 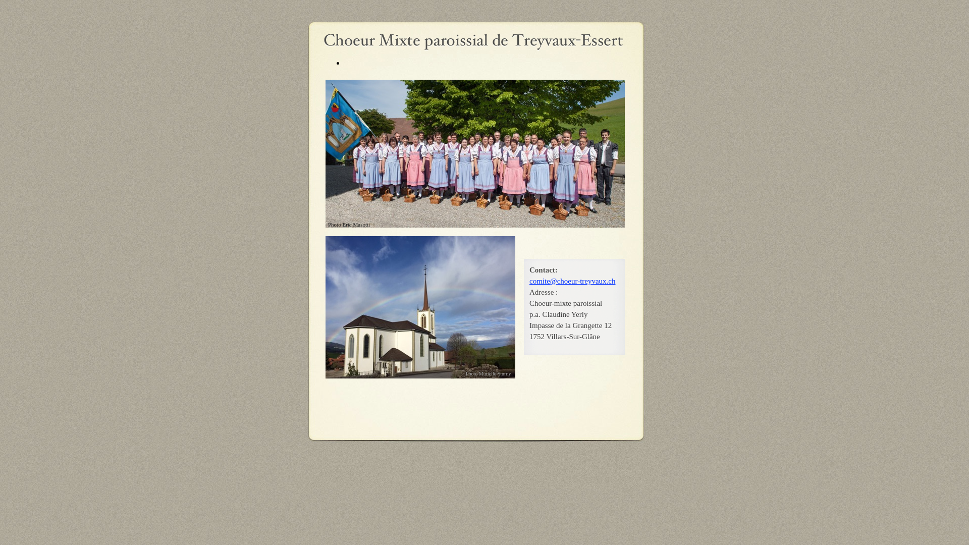 I want to click on 'comite@choeur-treyvaux.ch', so click(x=572, y=281).